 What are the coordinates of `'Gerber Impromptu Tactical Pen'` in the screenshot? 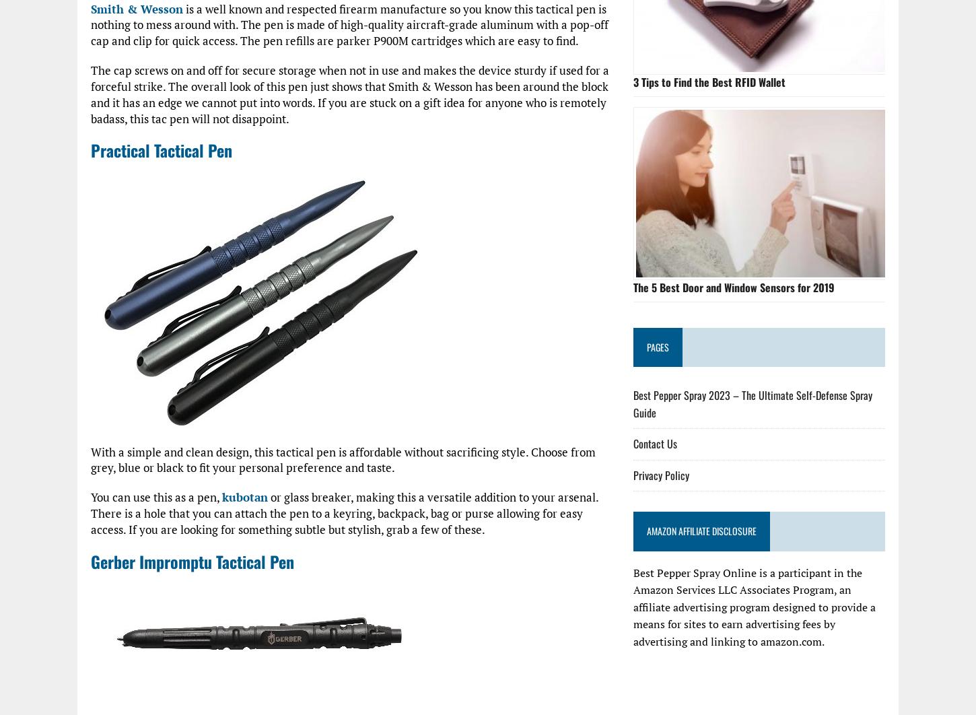 It's located at (192, 560).